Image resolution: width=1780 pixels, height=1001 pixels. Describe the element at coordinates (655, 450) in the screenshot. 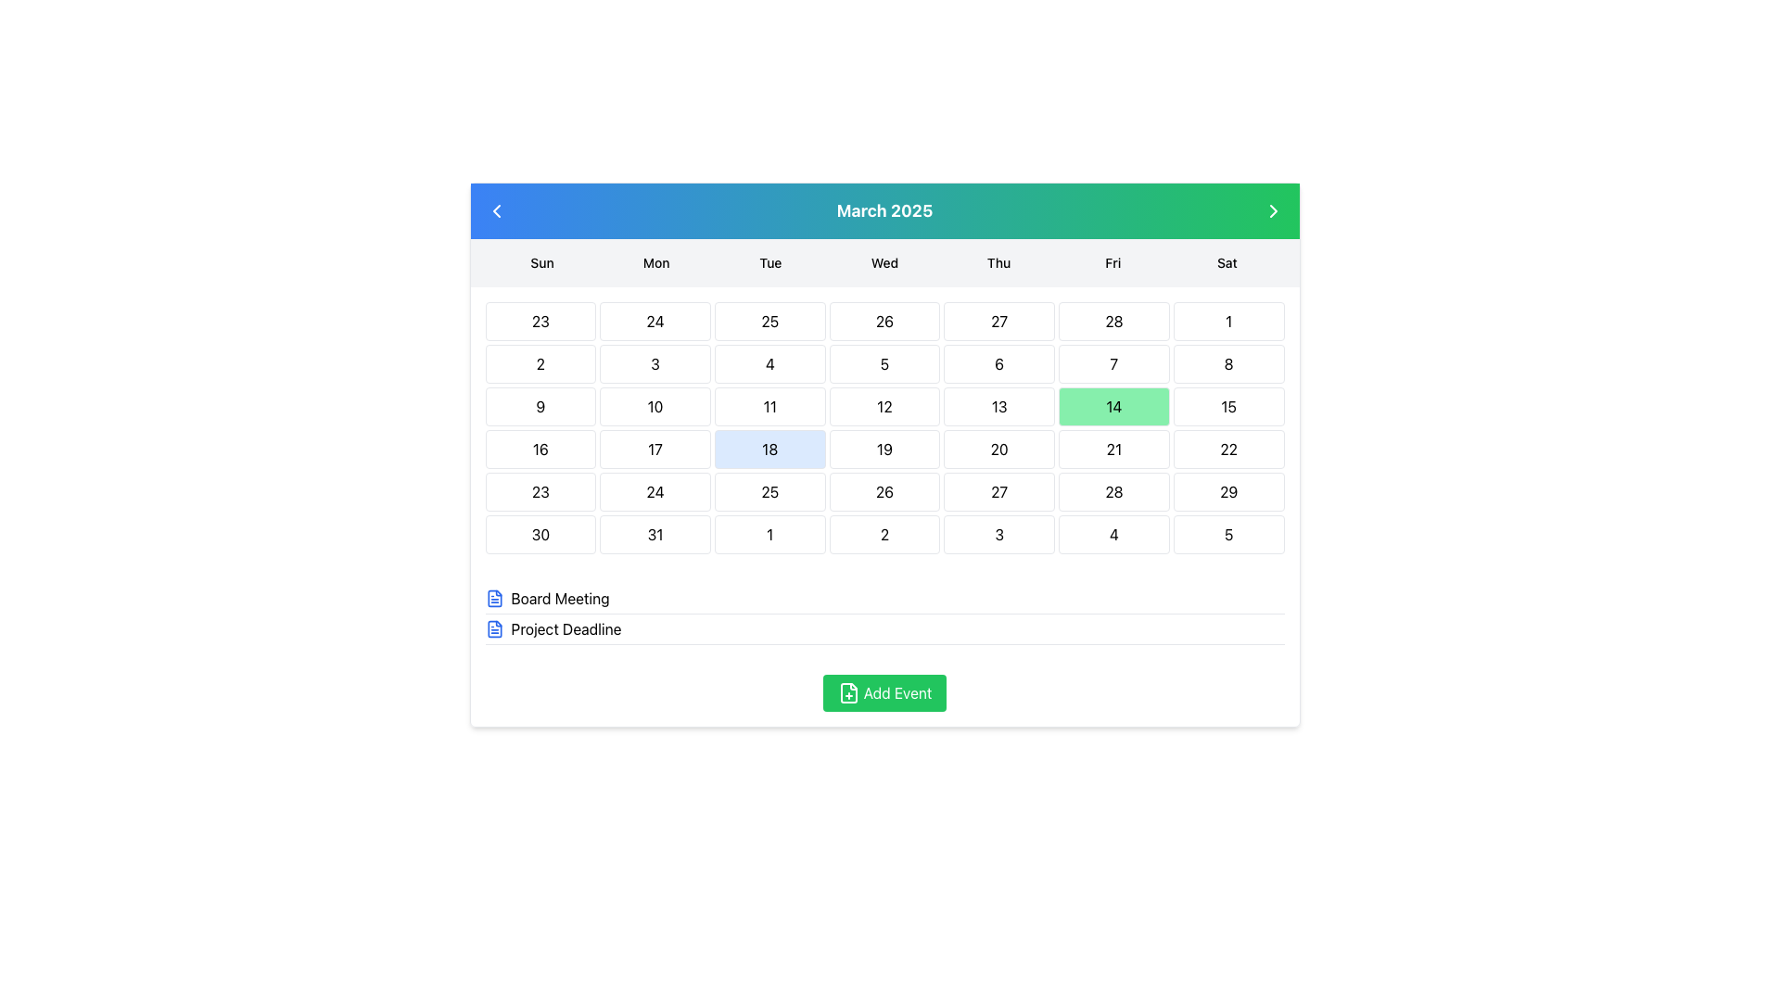

I see `the square button with a white background, black border, and the number '17' displayed in black text, located in the fourth row and second column of the calendar grid` at that location.